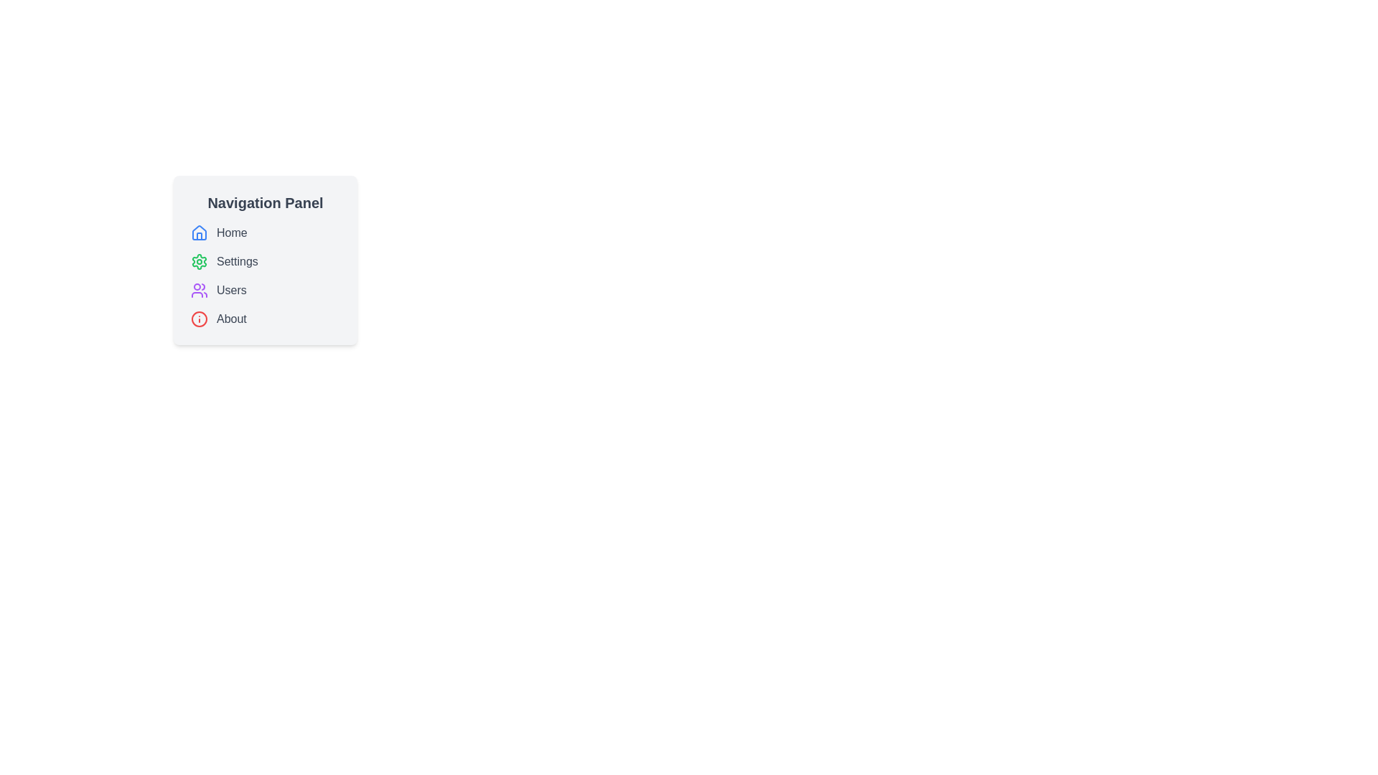 This screenshot has height=775, width=1378. I want to click on the 'Users' text label in the vertical navigation menu, which is styled in gray with a medium font weight and is the third item in the list, so click(231, 291).